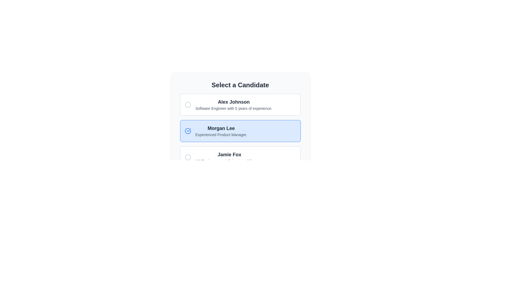 The image size is (517, 290). I want to click on the text label providing information about the candidate 'Alex Johnson' located in the top candidate card under the 'Select a Candidate' section, positioned below the name and above the checkbox, so click(234, 108).